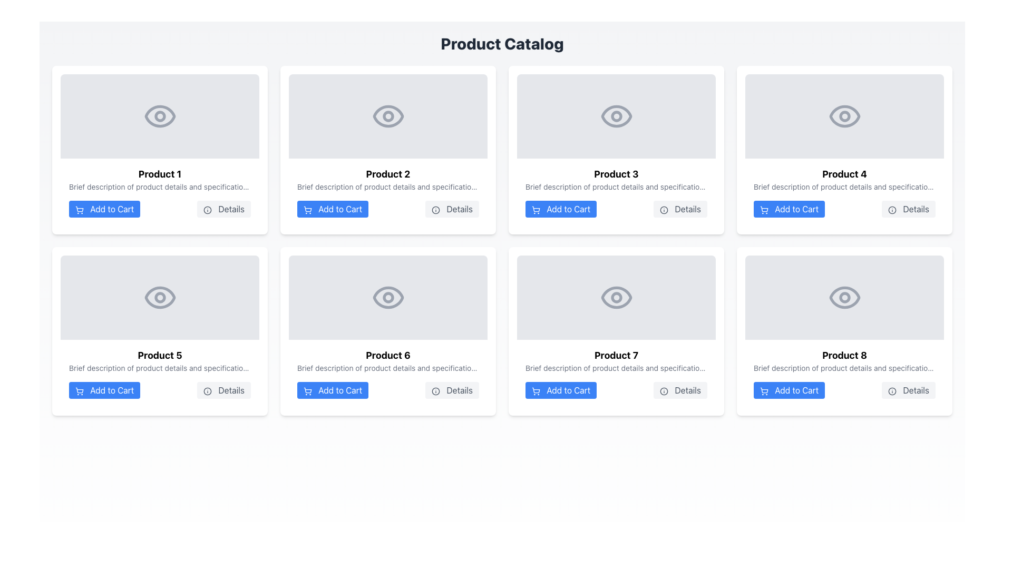 This screenshot has width=1012, height=569. I want to click on the circular pupil element within the eye icon of Product 2 in the Product Catalog section, so click(387, 116).